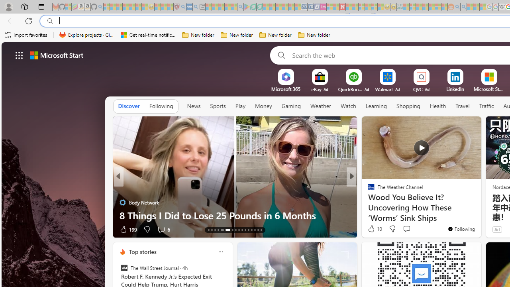 The height and width of the screenshot is (287, 510). I want to click on 'EatingWell', so click(367, 189).